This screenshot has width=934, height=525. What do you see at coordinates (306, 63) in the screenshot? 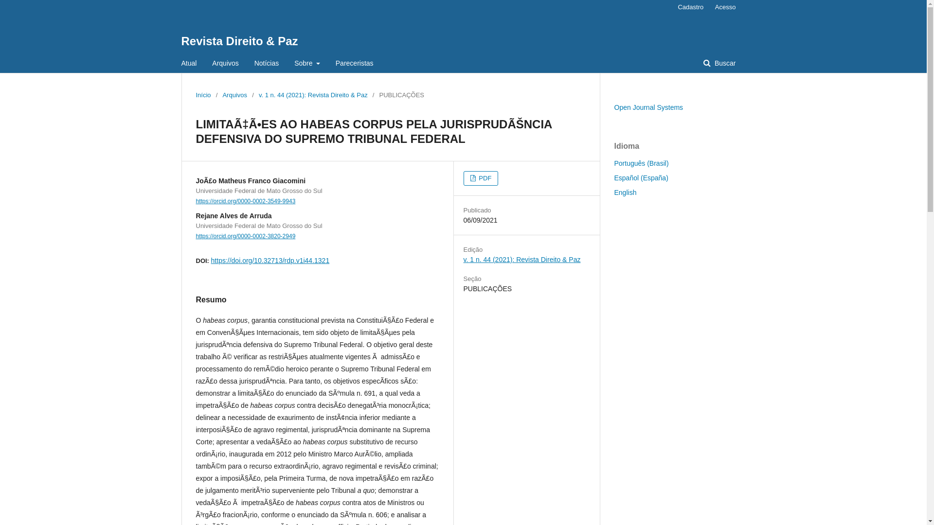
I see `'Sobre'` at bounding box center [306, 63].